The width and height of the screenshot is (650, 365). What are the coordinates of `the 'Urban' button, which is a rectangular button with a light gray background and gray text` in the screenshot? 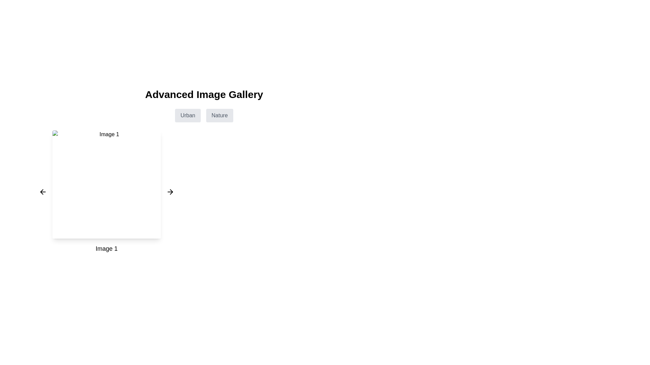 It's located at (188, 115).